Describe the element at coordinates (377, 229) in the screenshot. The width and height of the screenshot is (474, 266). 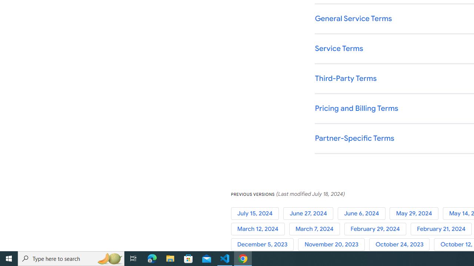
I see `'February 29, 2024'` at that location.